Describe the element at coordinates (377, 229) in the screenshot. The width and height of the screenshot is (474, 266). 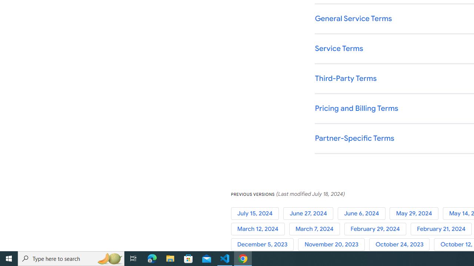
I see `'February 29, 2024'` at that location.